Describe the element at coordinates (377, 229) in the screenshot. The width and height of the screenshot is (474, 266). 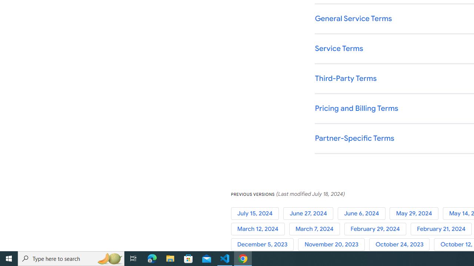
I see `'February 29, 2024'` at that location.